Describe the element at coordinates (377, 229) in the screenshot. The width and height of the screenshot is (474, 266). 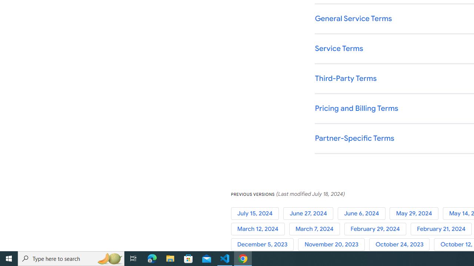
I see `'February 29, 2024'` at that location.